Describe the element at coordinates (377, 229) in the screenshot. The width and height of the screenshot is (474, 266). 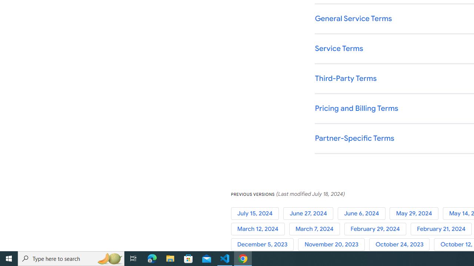
I see `'February 29, 2024'` at that location.